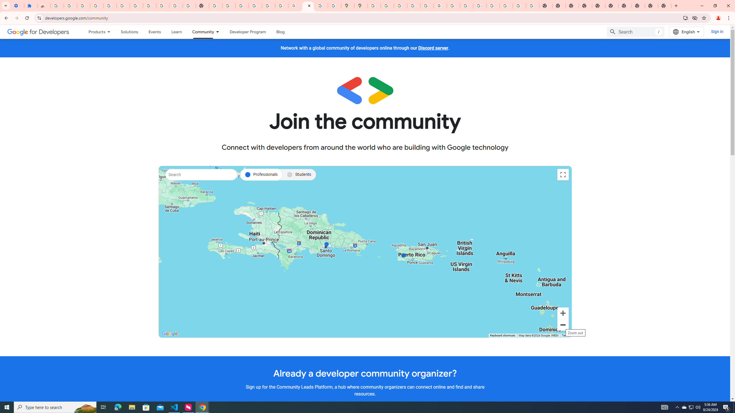 This screenshot has height=413, width=735. Describe the element at coordinates (729, 18) in the screenshot. I see `'Chrome'` at that location.